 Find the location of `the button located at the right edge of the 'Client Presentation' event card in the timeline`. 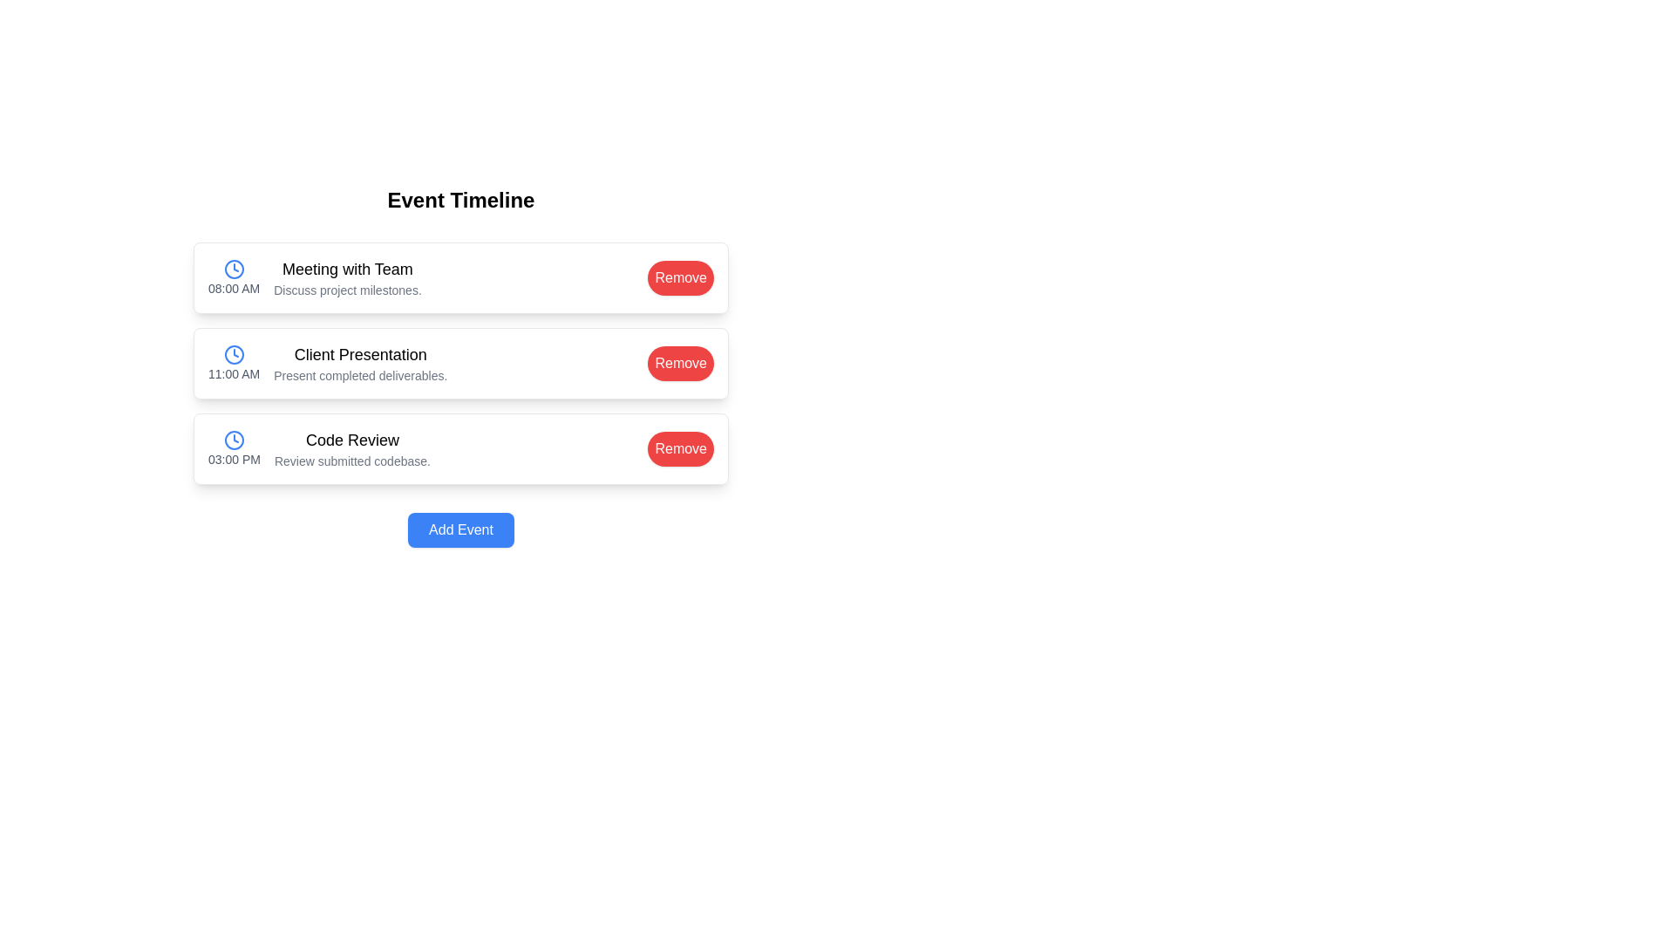

the button located at the right edge of the 'Client Presentation' event card in the timeline is located at coordinates (680, 362).